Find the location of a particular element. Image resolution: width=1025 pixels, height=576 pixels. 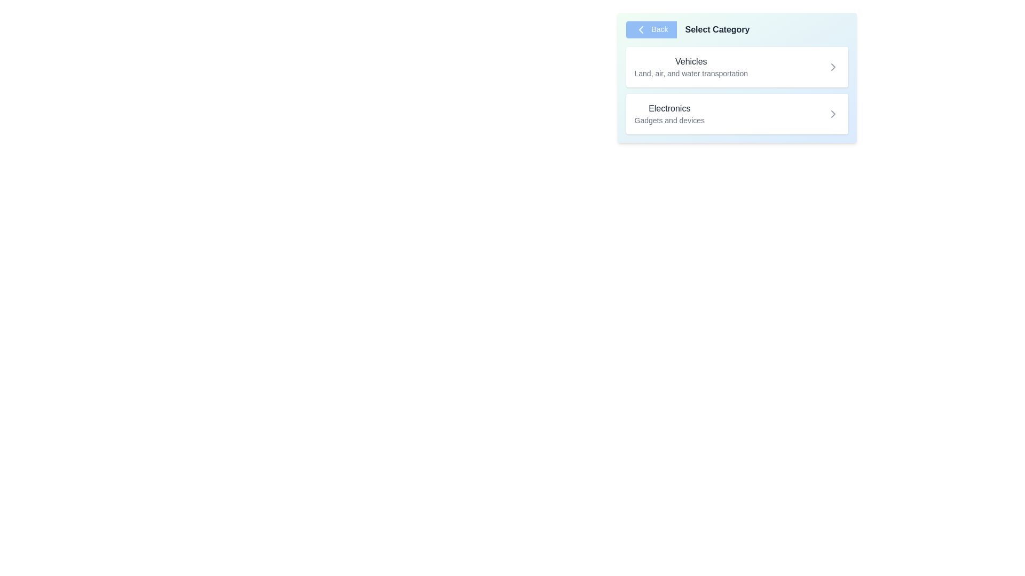

the right-pointing chevron icon that signifies navigation or progression, located at the far right of the 'Electronics' category entry is located at coordinates (832, 114).